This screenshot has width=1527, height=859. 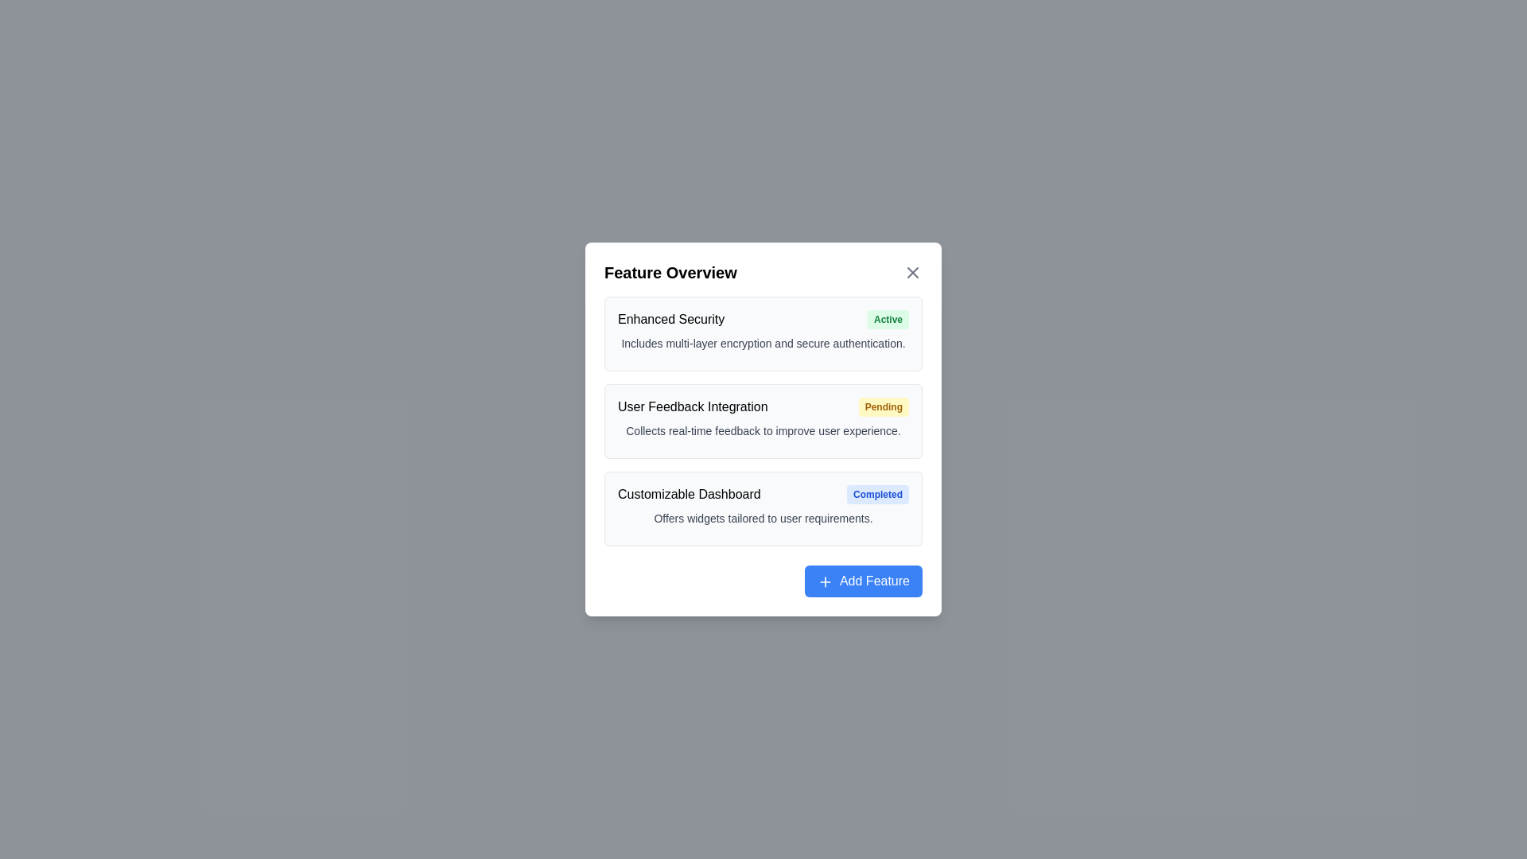 I want to click on the Feature descriptor with status indicator located between 'Enhanced Security' and 'Customizable Dashboard', so click(x=763, y=406).